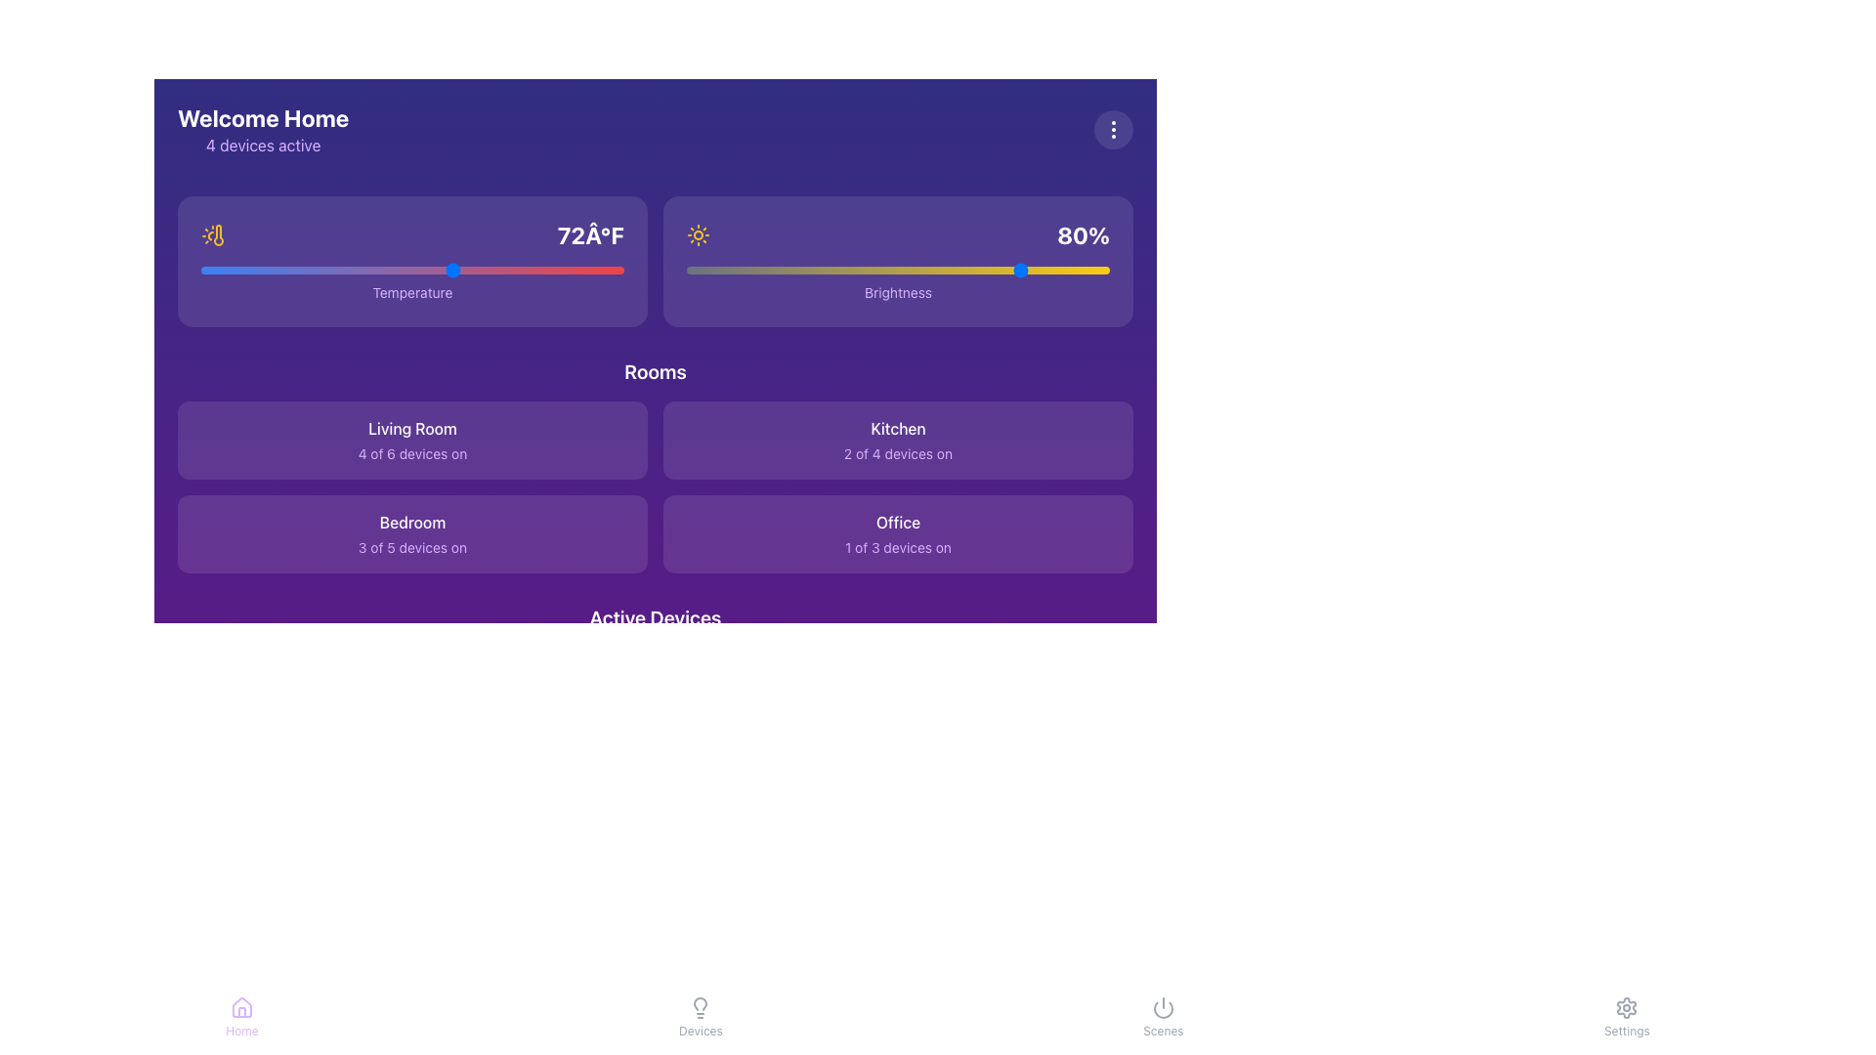 Image resolution: width=1876 pixels, height=1055 pixels. Describe the element at coordinates (897, 292) in the screenshot. I see `the text label that describes the function or property being adjusted by the progress bar, located below the gradient progress bar` at that location.